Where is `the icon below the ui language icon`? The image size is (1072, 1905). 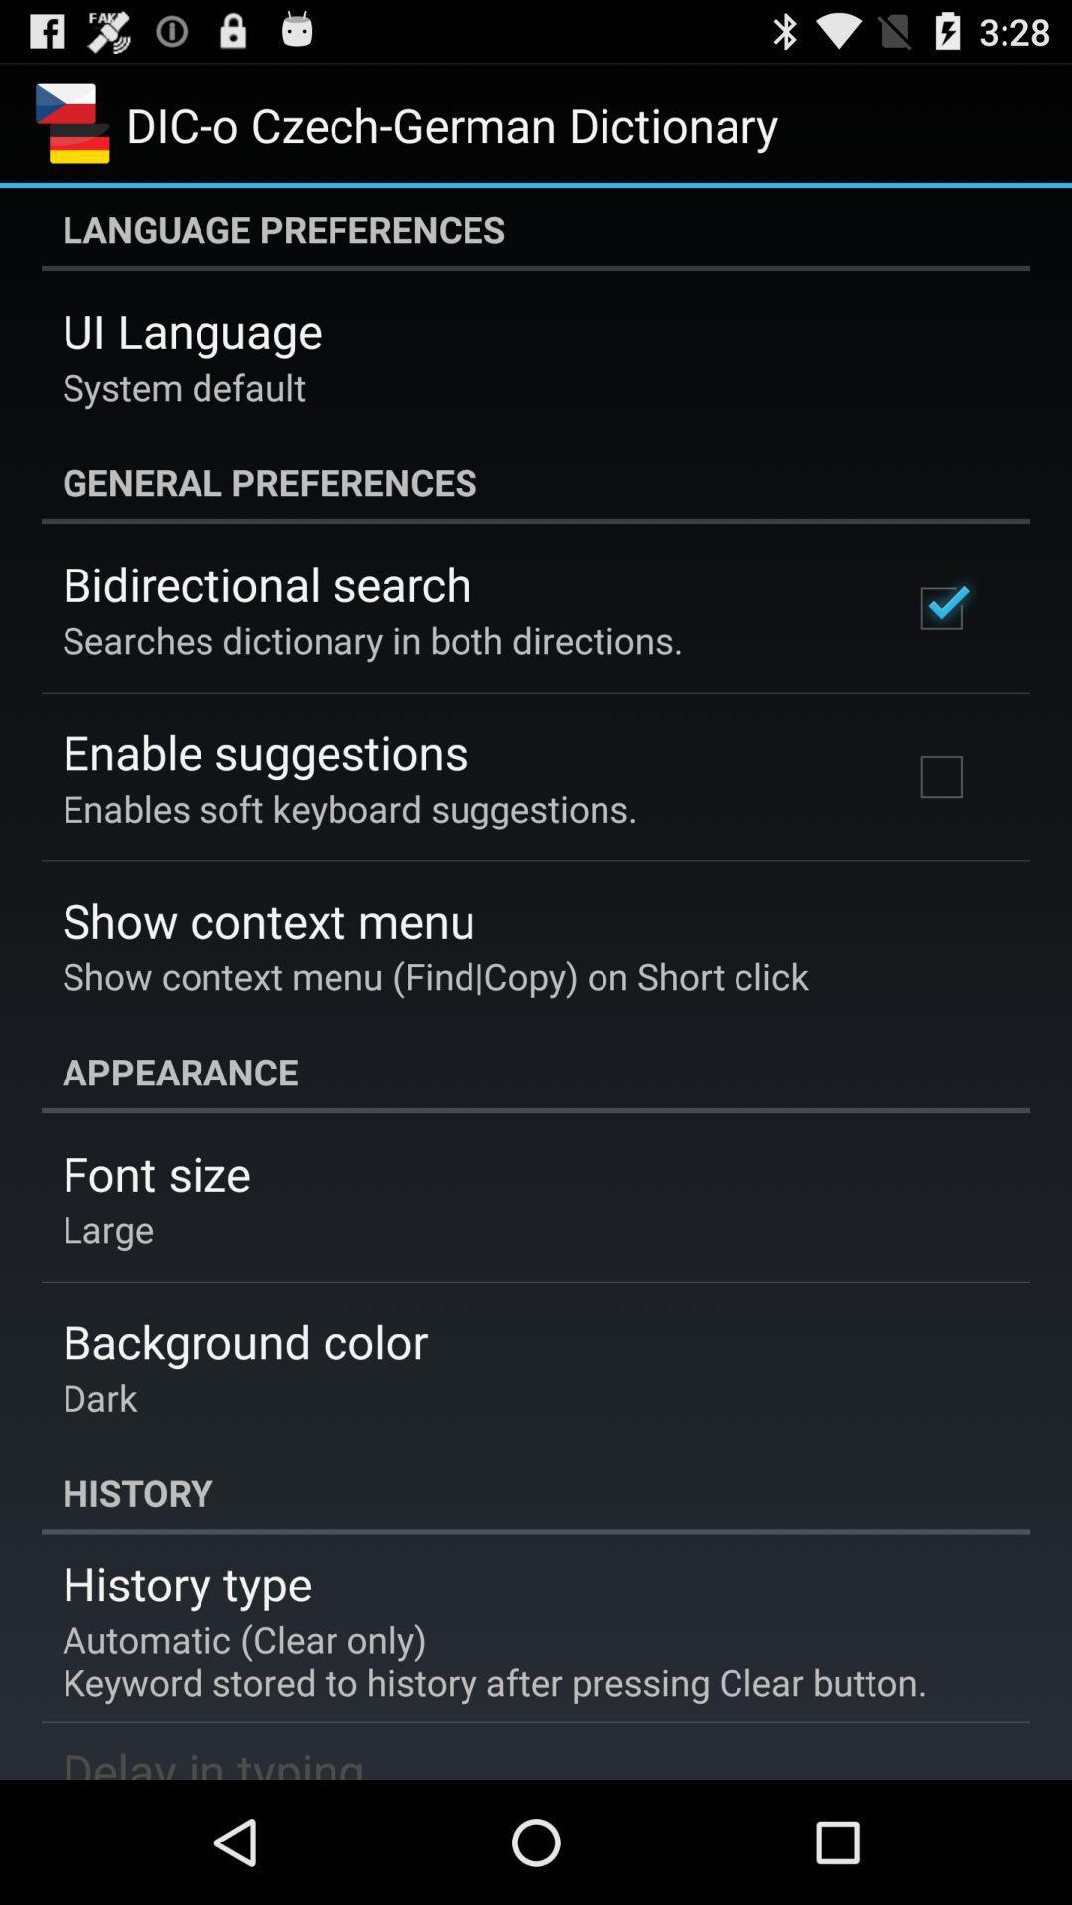 the icon below the ui language icon is located at coordinates (184, 386).